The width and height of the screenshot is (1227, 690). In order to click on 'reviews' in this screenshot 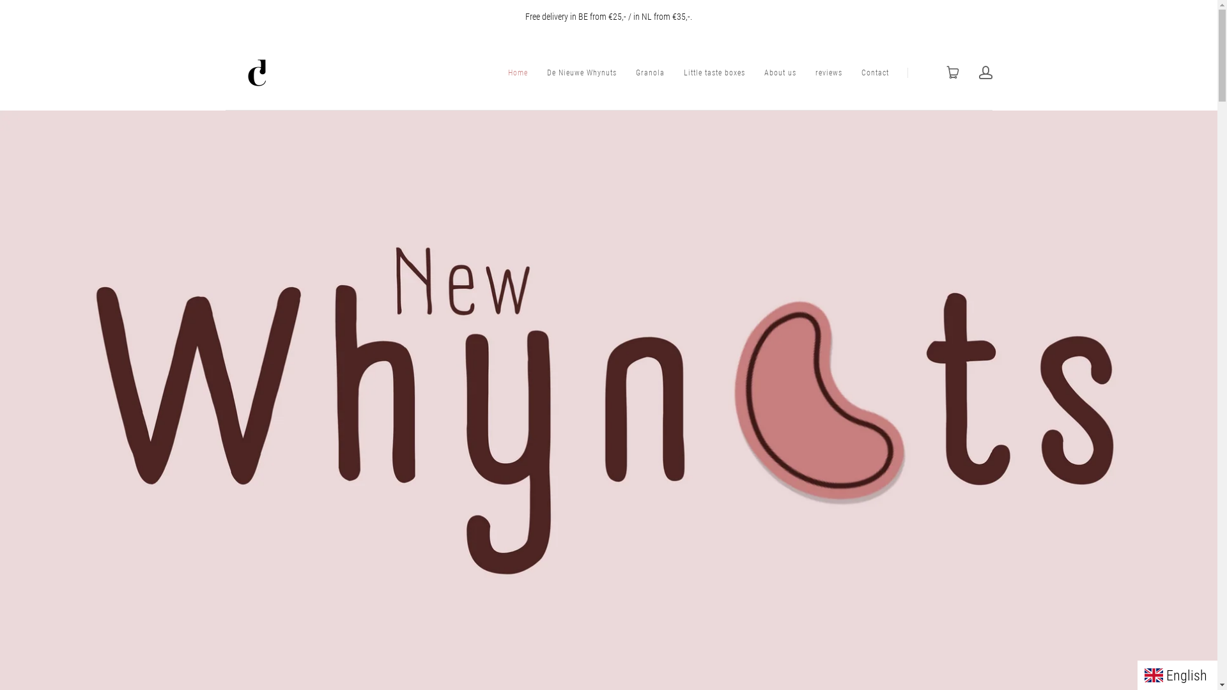, I will do `click(828, 73)`.